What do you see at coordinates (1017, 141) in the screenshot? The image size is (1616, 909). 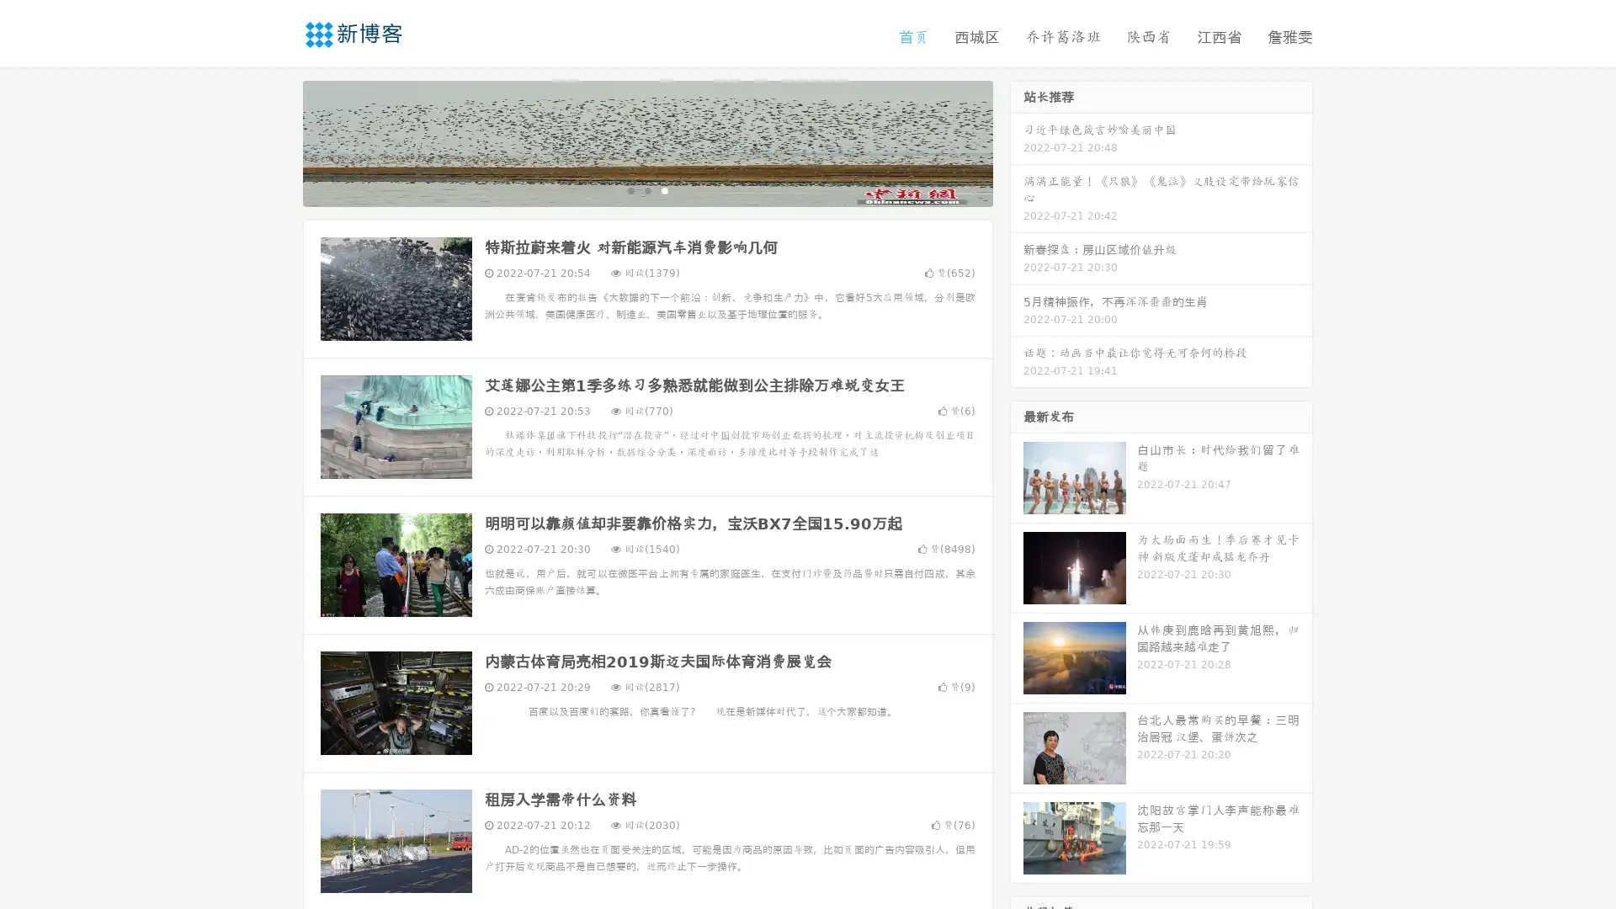 I see `Next slide` at bounding box center [1017, 141].